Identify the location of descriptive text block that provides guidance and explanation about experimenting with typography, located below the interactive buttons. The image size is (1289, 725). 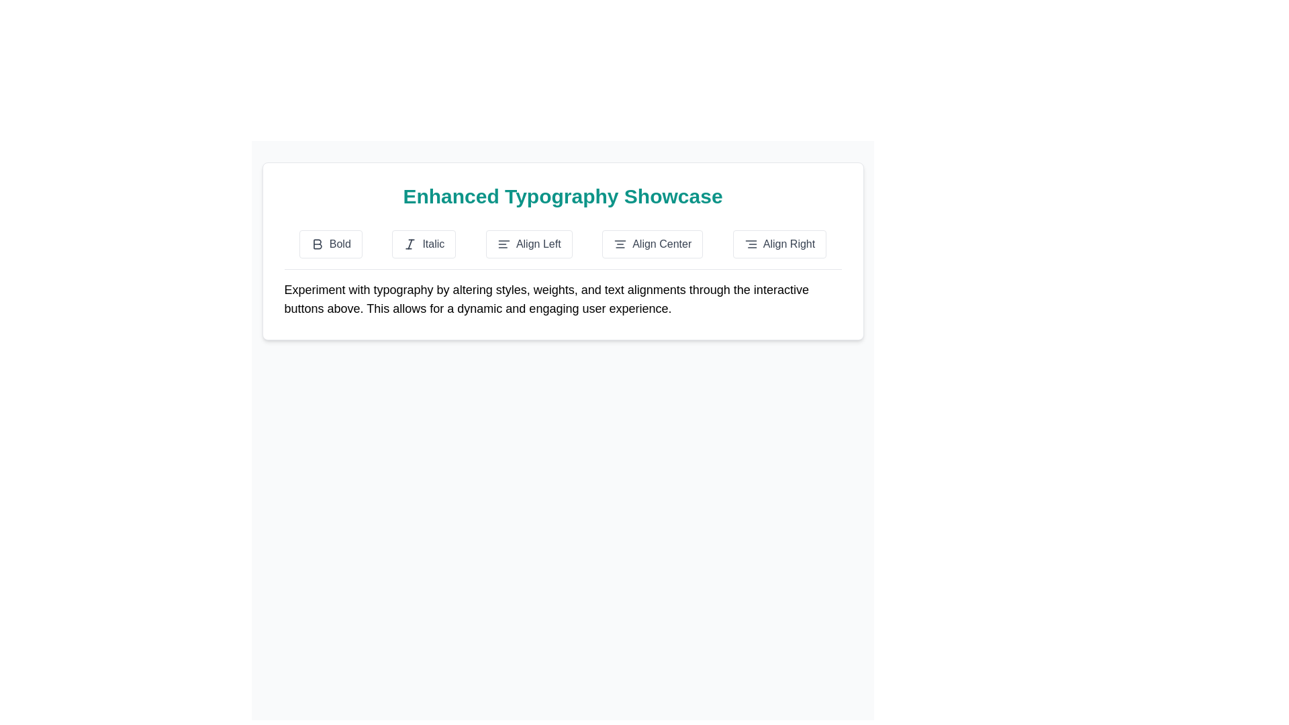
(563, 299).